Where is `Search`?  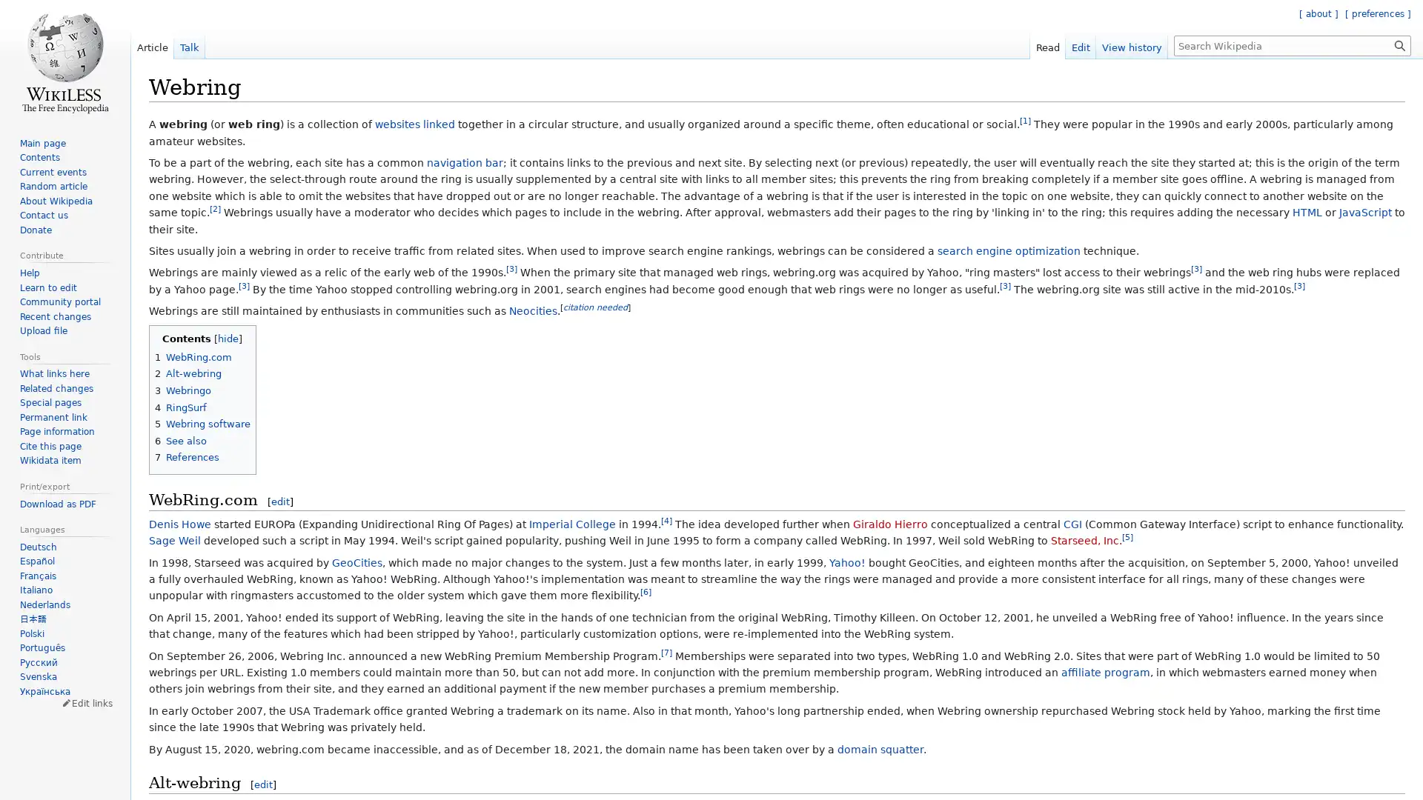
Search is located at coordinates (1399, 44).